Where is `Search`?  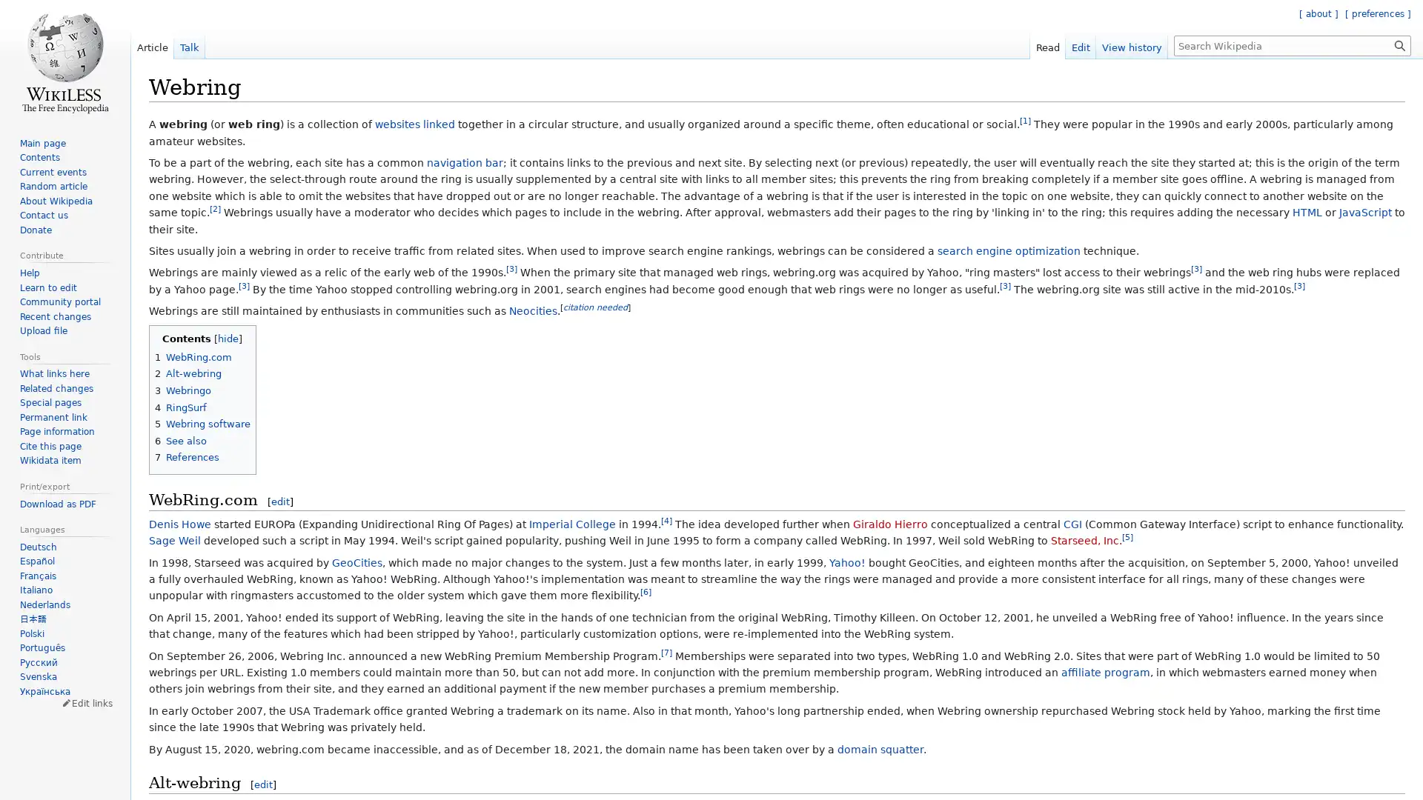
Search is located at coordinates (1399, 44).